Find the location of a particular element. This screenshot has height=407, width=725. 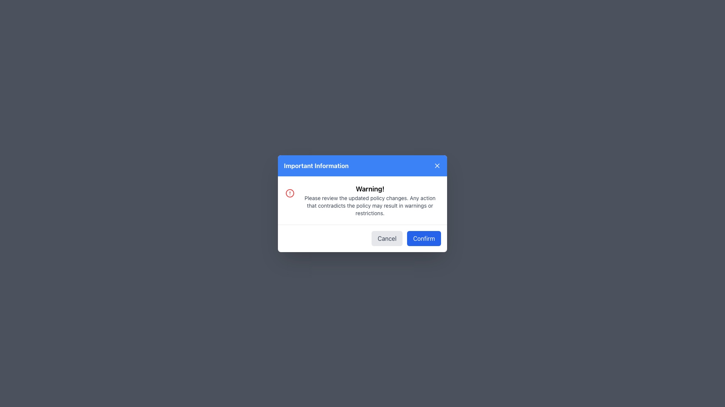

the small square button with a white 'X' icon located at the top-right corner of the blue header bar displaying 'Important Information' is located at coordinates (437, 165).